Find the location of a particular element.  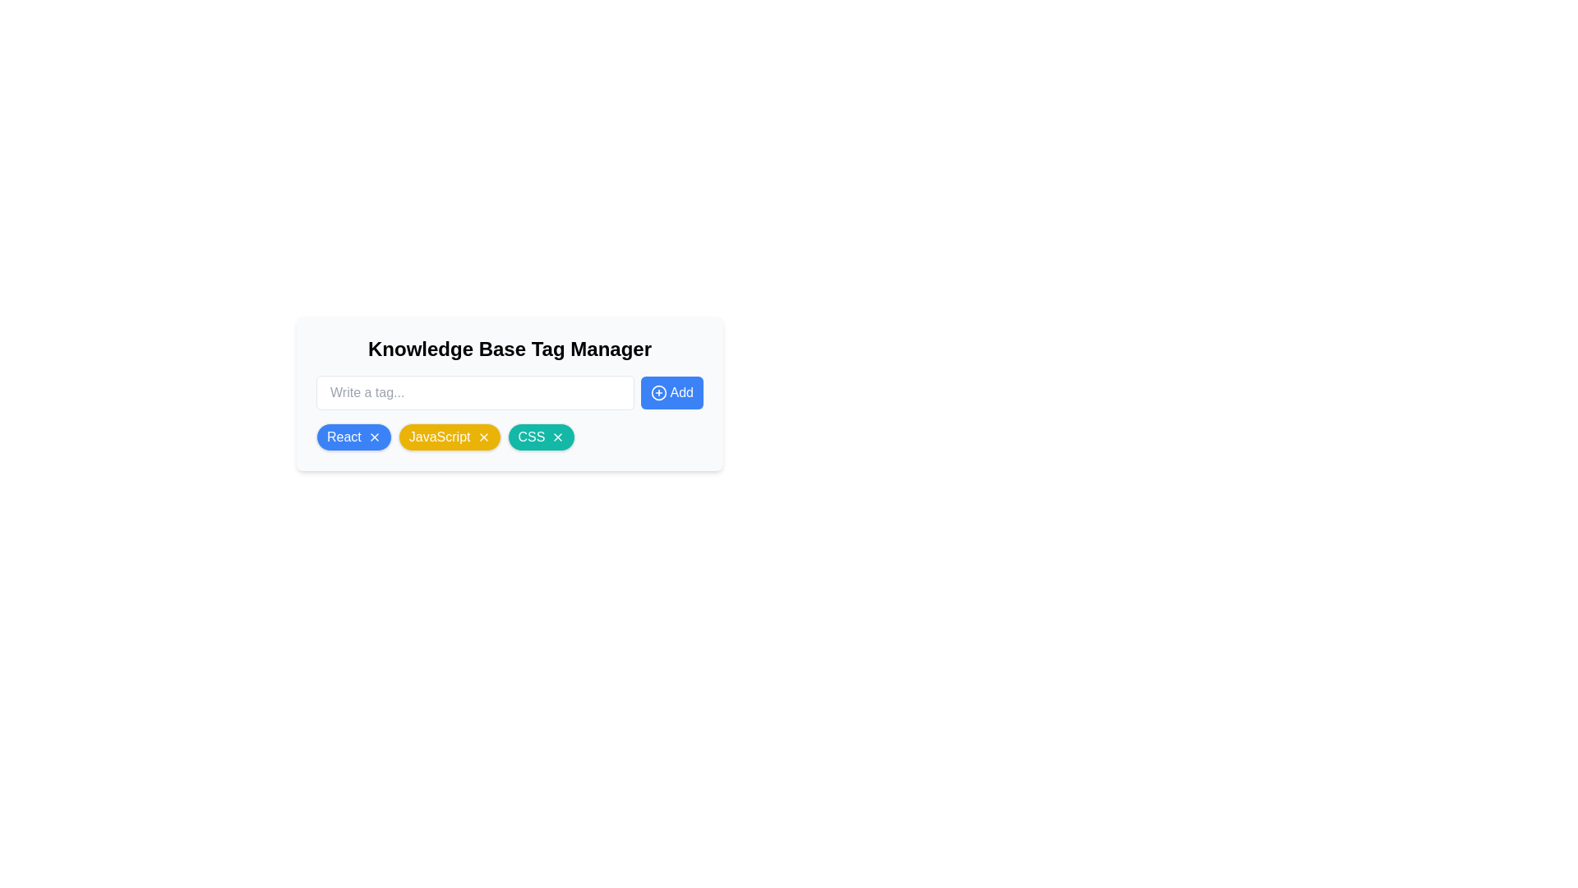

the Close Icon Button located at the right-most end of the JavaScript tag is located at coordinates (482, 437).